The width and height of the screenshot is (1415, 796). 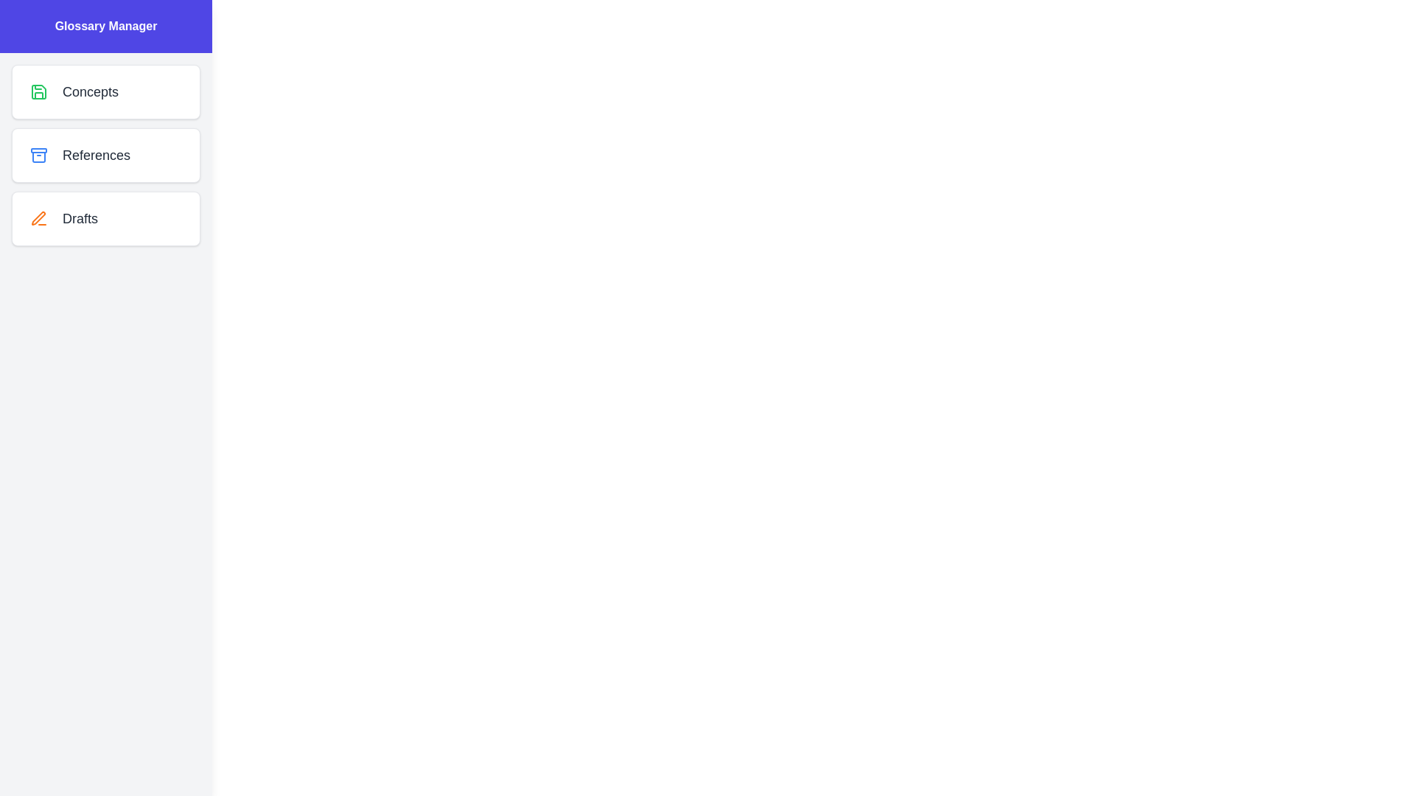 I want to click on the icon next to the References category, so click(x=38, y=156).